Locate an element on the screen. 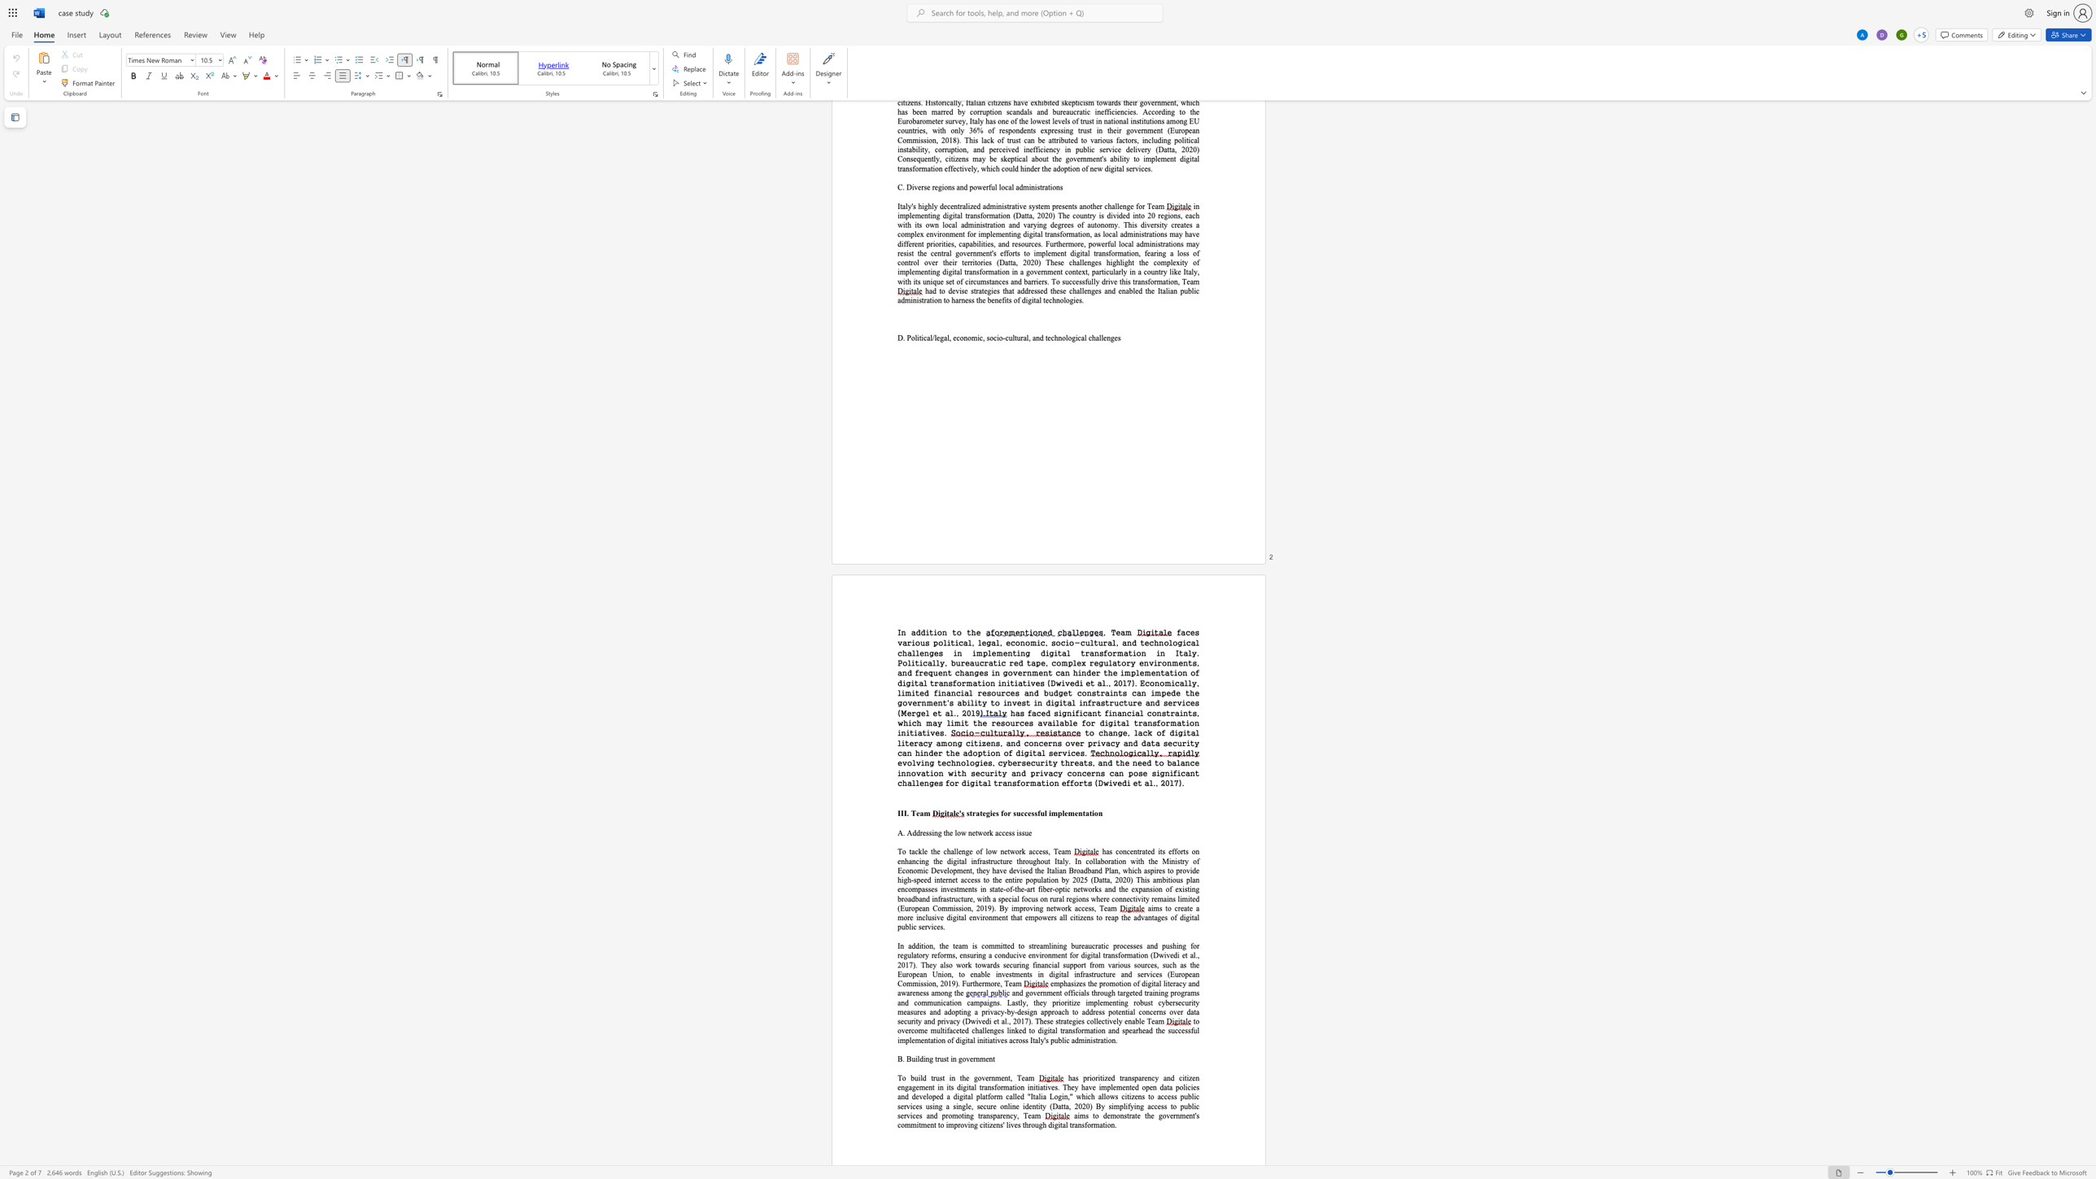 The height and width of the screenshot is (1179, 2096). the space between the continuous character "n" and "t" in the text is located at coordinates (992, 1059).